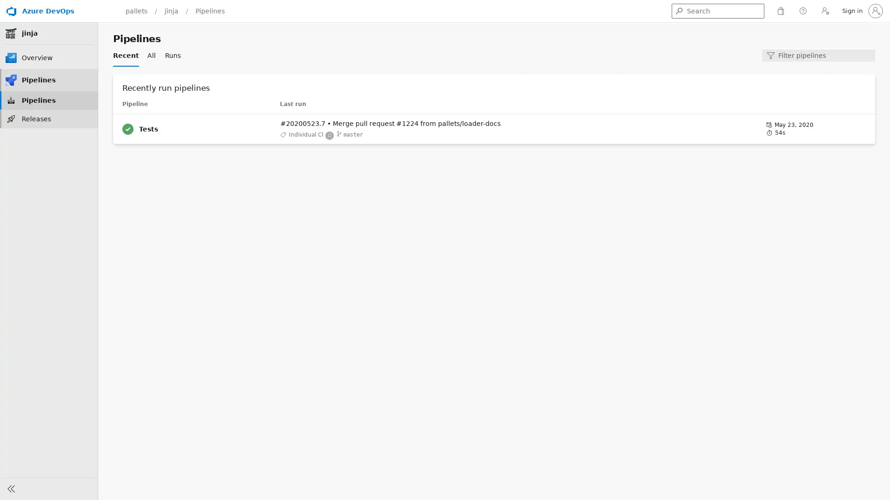 The image size is (890, 500). What do you see at coordinates (679, 11) in the screenshot?
I see `Get search results` at bounding box center [679, 11].